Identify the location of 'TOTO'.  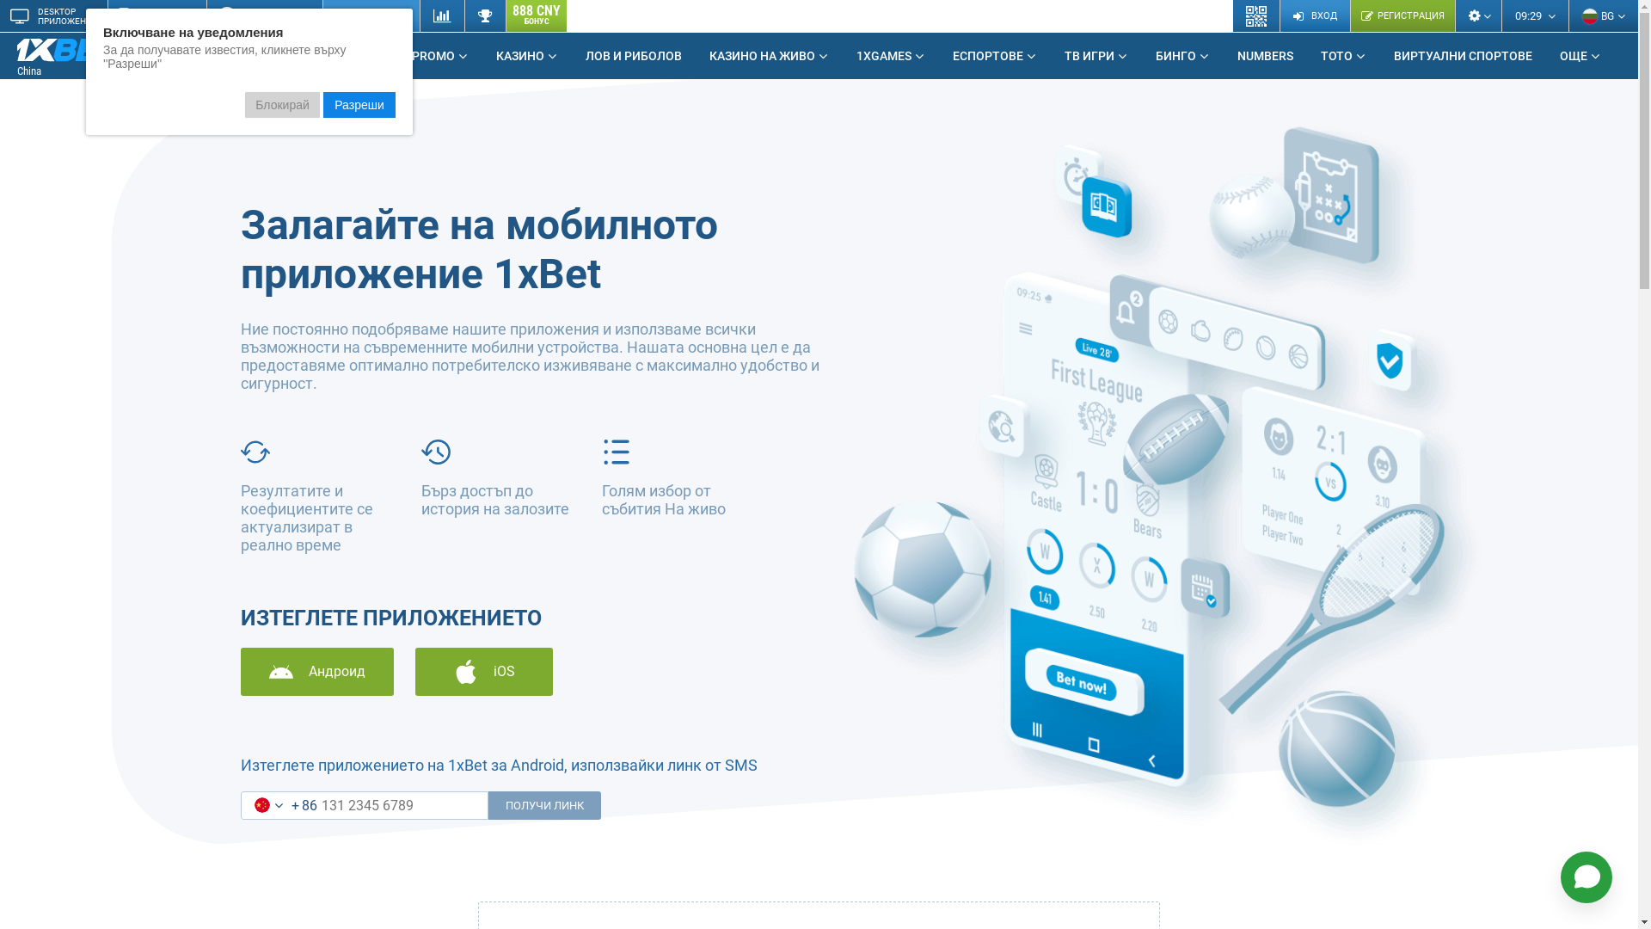
(1307, 55).